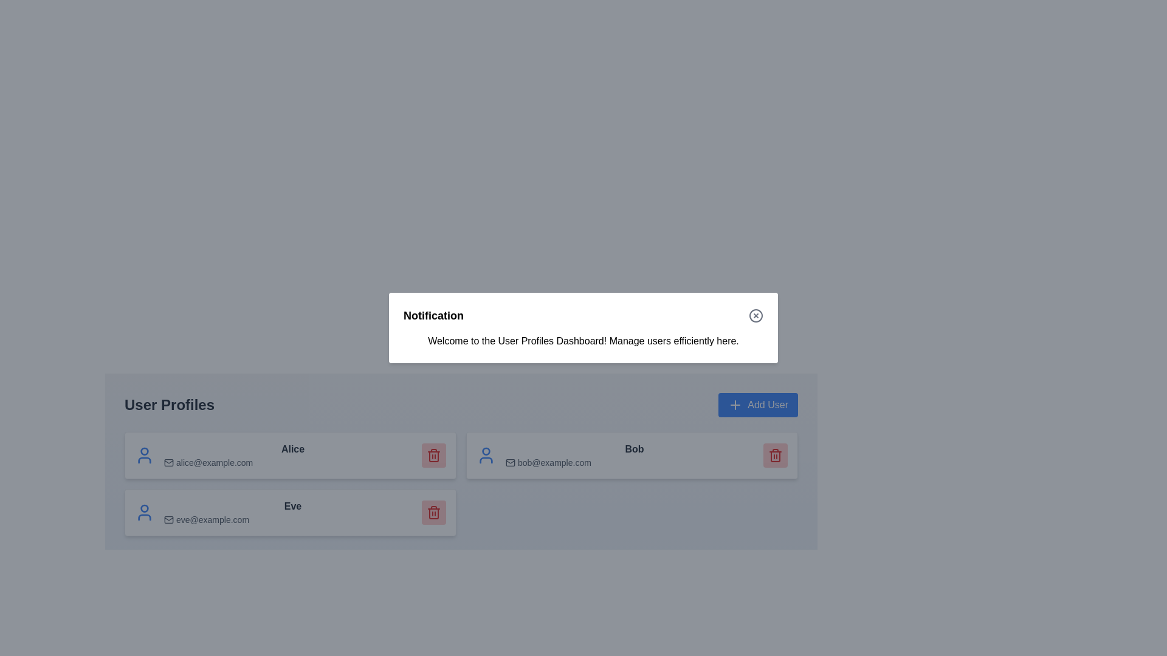  What do you see at coordinates (292, 513) in the screenshot?
I see `the text label displaying the name 'Eve', which is styled in bold dark gray and is positioned above the email address` at bounding box center [292, 513].